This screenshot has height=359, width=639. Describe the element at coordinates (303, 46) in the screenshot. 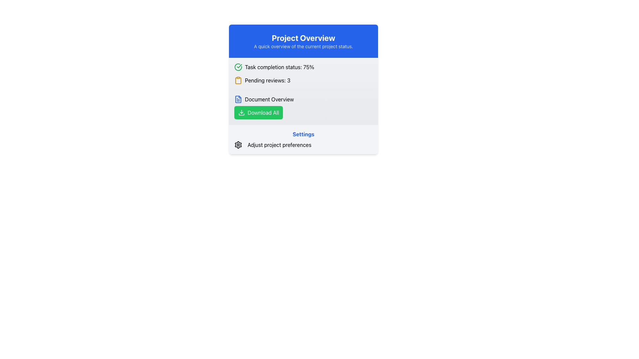

I see `the static text located directly below the 'Project Overview' header, which serves as a descriptive subtitle for the section` at that location.